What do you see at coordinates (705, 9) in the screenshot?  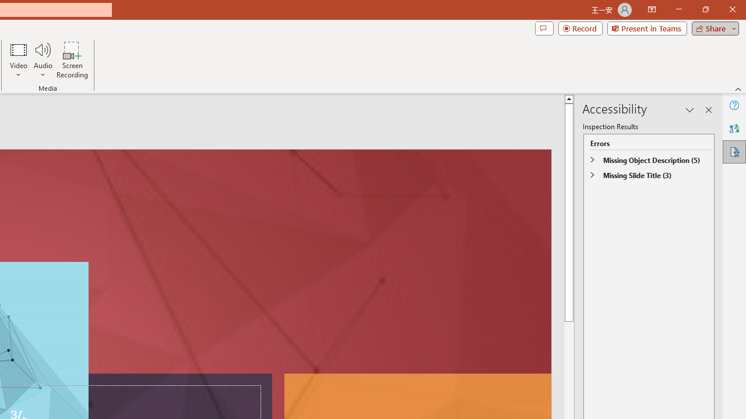 I see `'Restore Down'` at bounding box center [705, 9].